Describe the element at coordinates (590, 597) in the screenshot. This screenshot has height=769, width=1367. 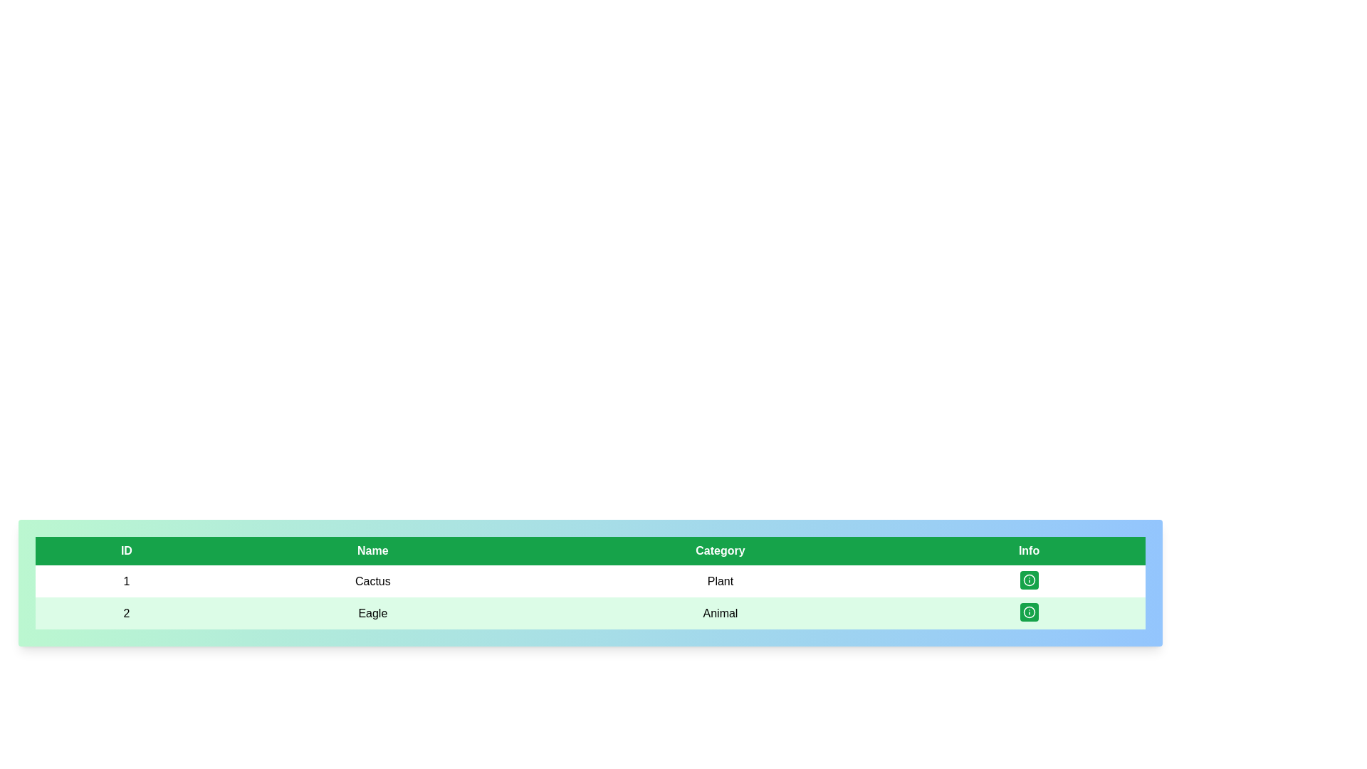
I see `the first row of the table containing ID '1', Name 'Cactus', and Category 'Plant' for additional actions` at that location.